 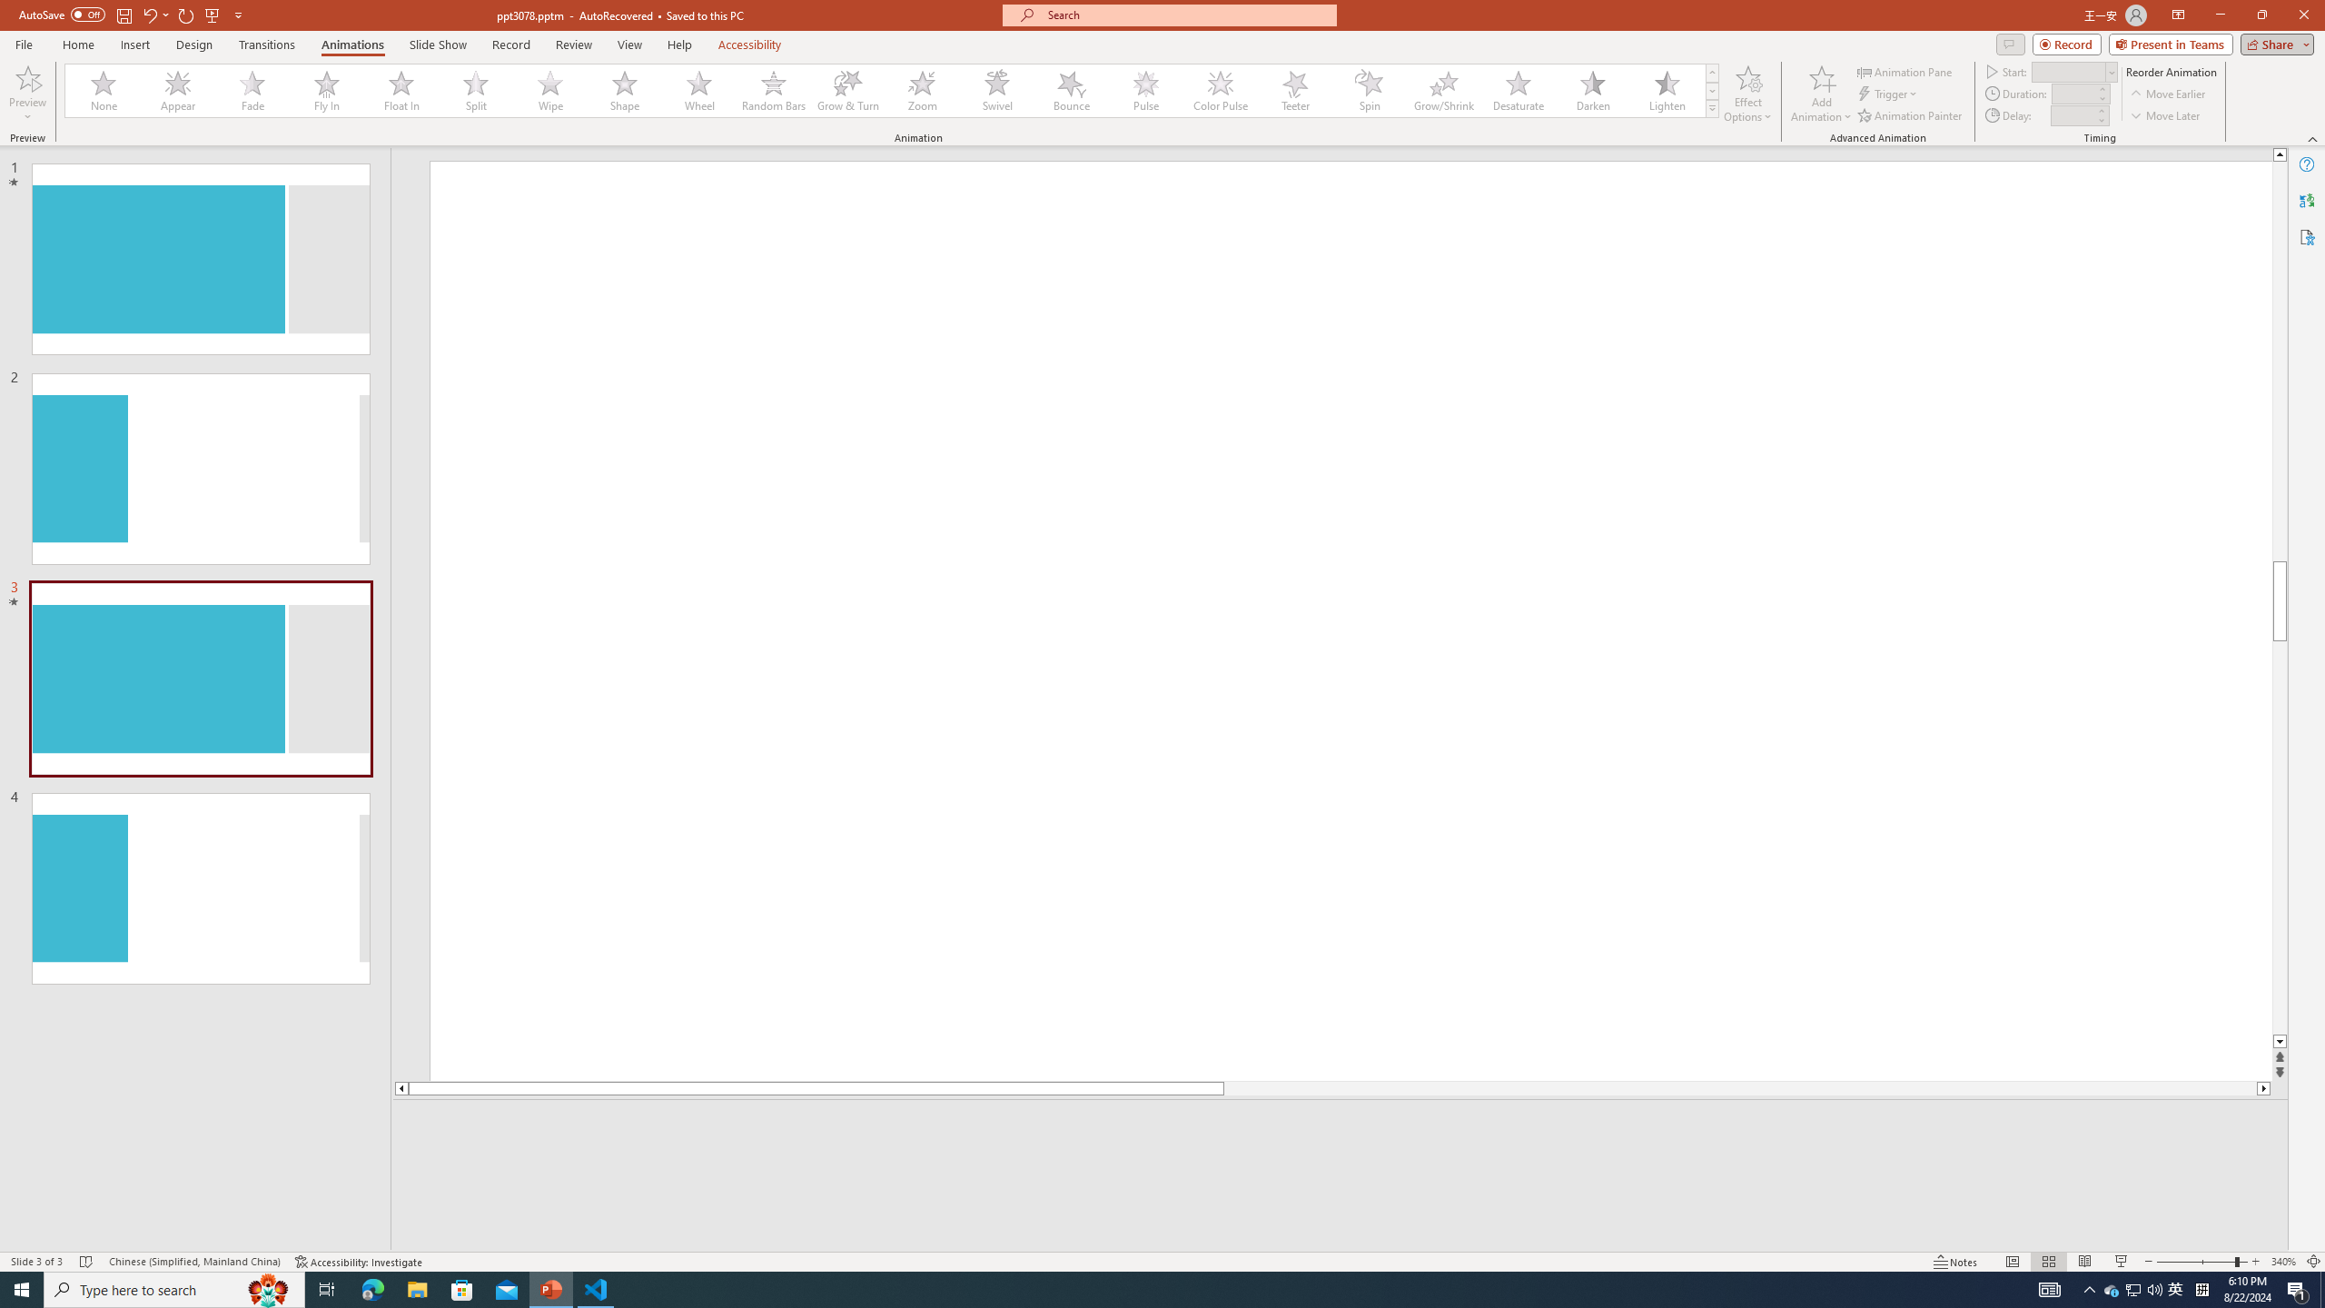 I want to click on 'Shape', so click(x=625, y=90).